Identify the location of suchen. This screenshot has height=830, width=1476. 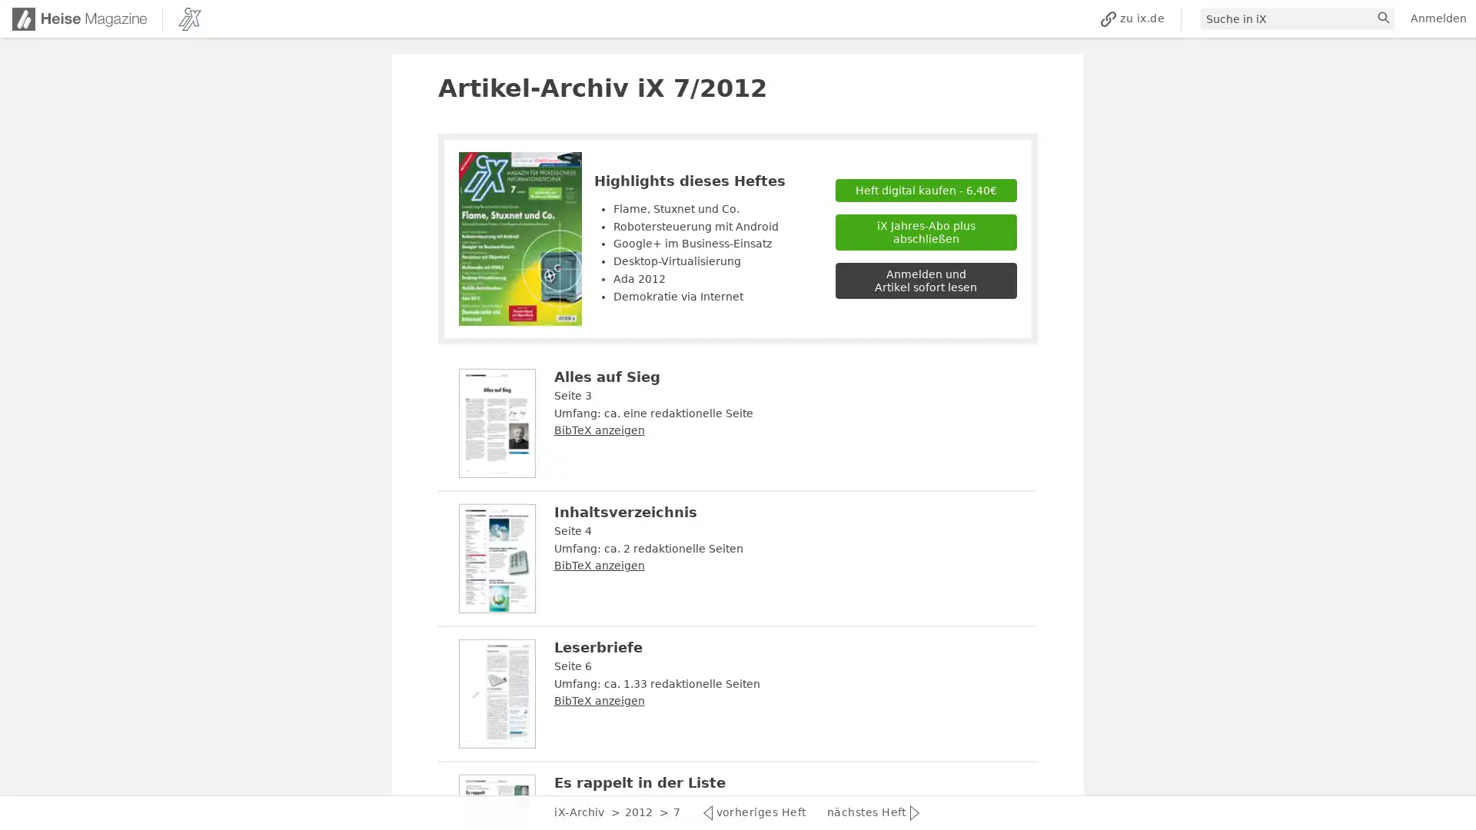
(1385, 18).